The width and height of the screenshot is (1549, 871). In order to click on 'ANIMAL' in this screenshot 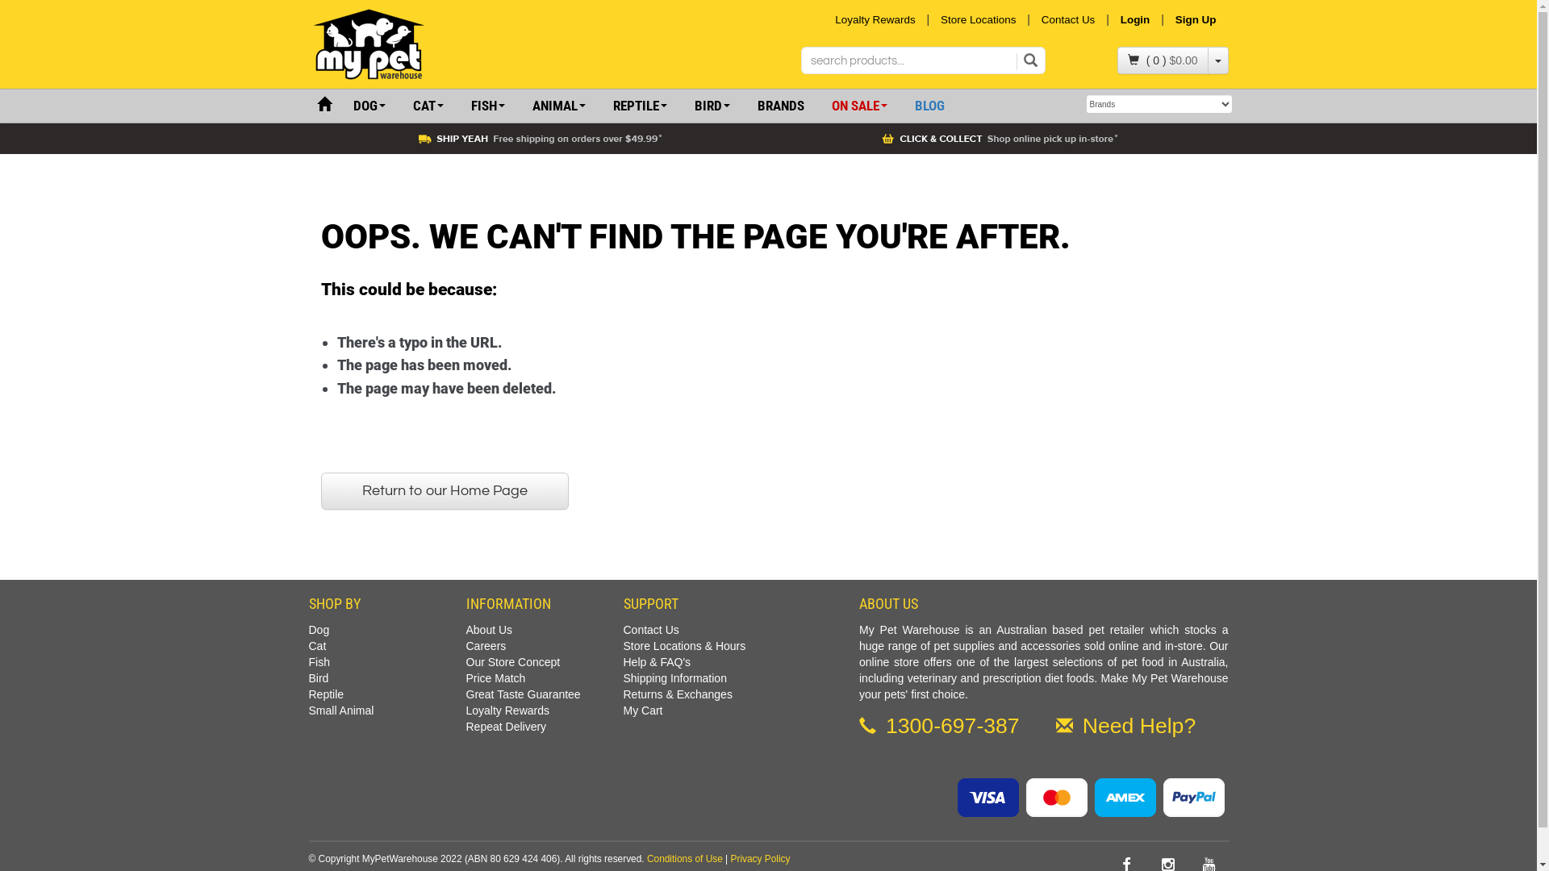, I will do `click(557, 106)`.